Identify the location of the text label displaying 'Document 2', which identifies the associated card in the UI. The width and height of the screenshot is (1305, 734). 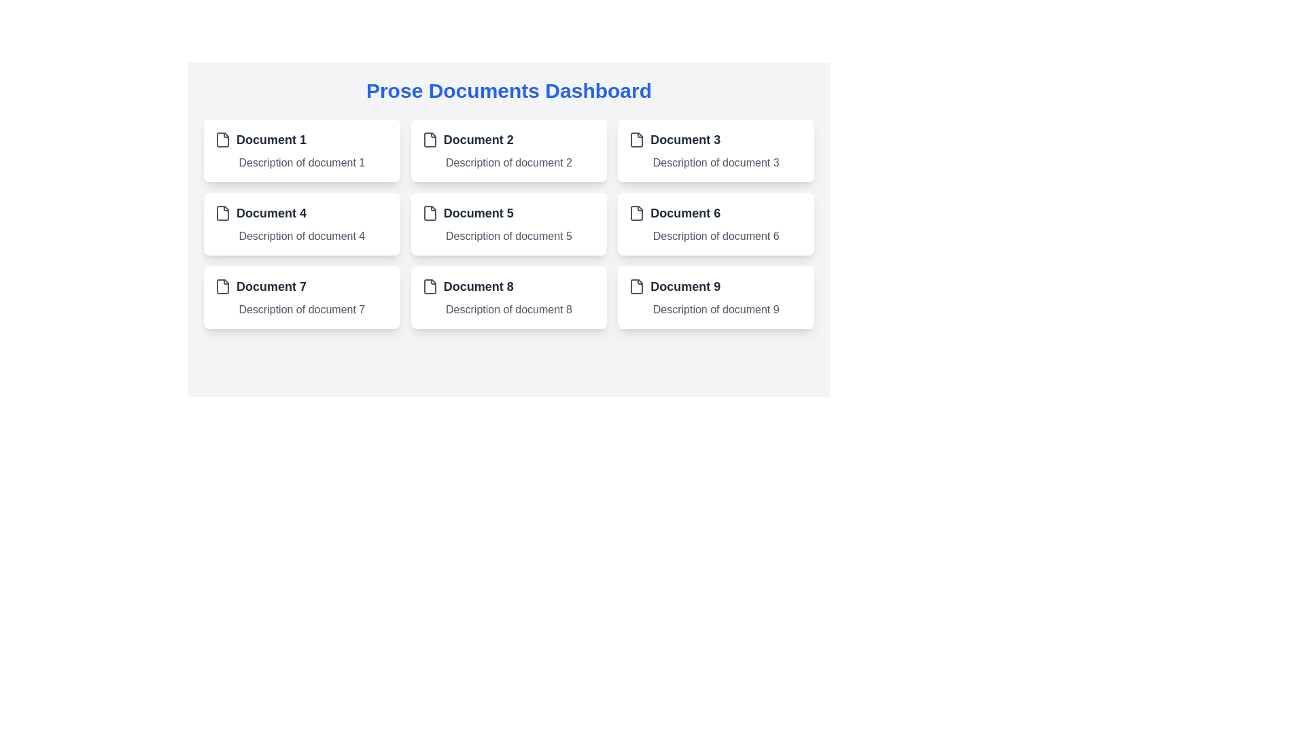
(478, 139).